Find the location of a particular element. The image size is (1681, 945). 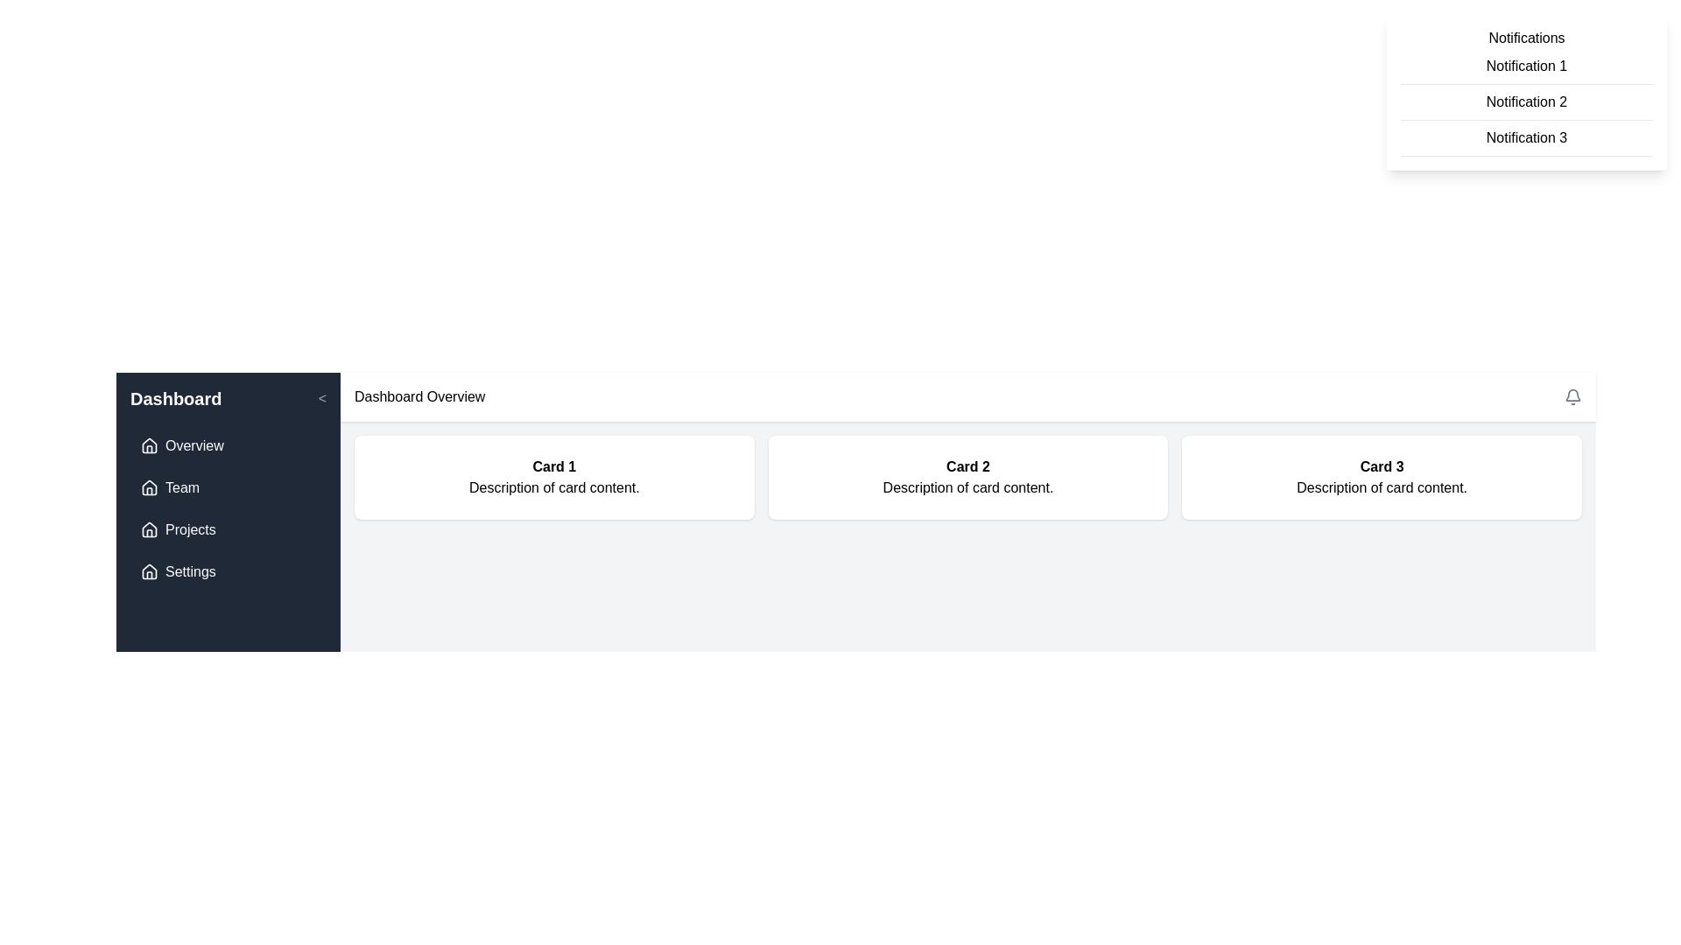

the triangular roof section of the house icon located in the sidebar next to the 'Overview' label is located at coordinates (150, 528).